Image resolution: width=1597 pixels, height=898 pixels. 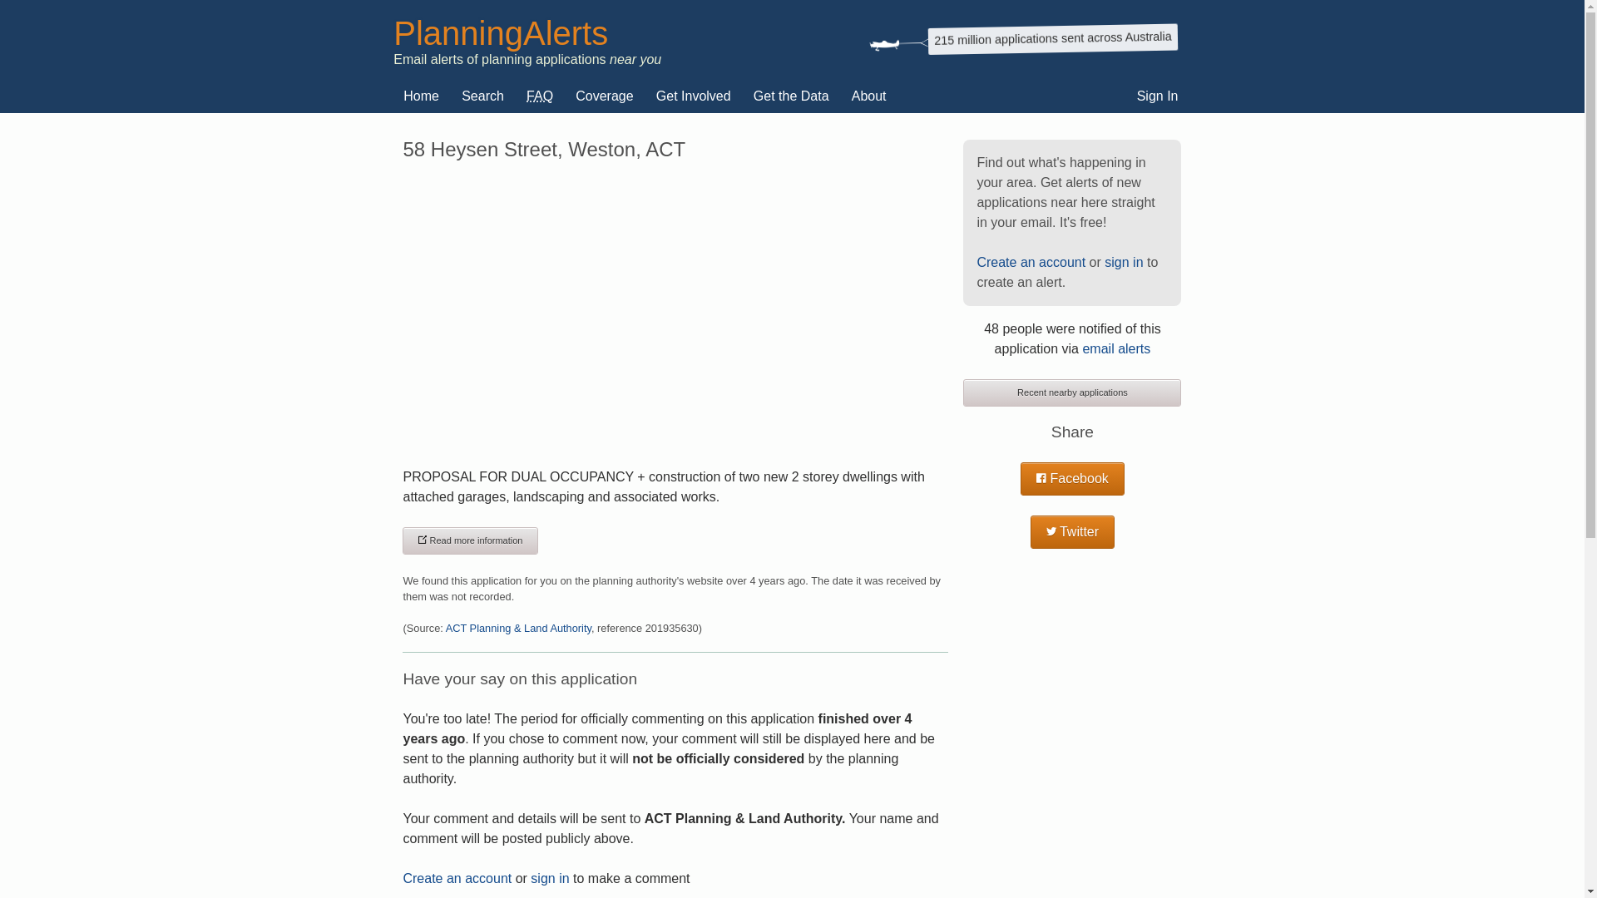 I want to click on 'Get Involved', so click(x=694, y=96).